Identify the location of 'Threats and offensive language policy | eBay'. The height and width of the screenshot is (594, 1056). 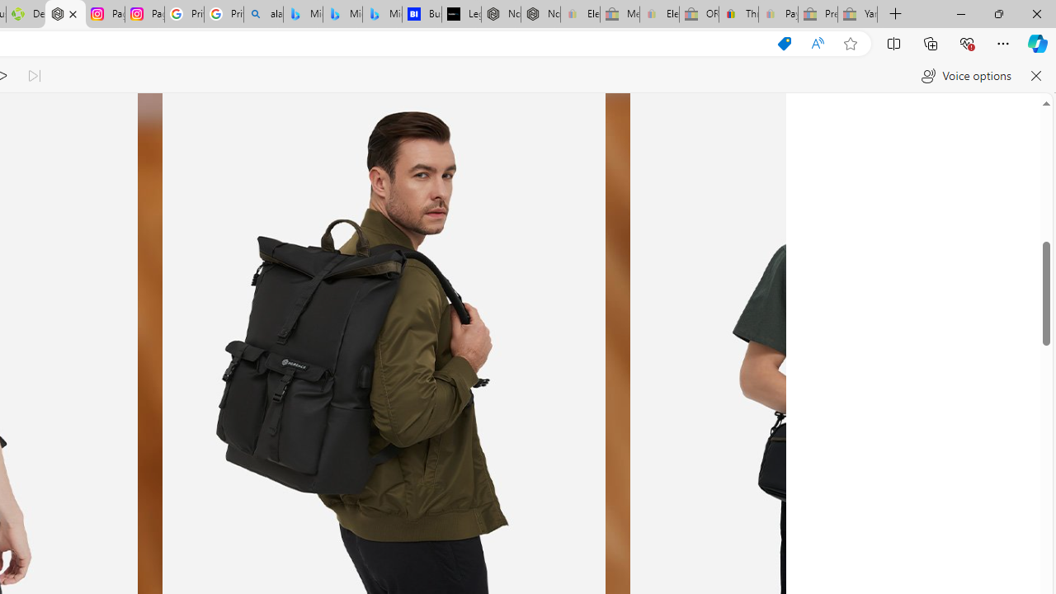
(738, 14).